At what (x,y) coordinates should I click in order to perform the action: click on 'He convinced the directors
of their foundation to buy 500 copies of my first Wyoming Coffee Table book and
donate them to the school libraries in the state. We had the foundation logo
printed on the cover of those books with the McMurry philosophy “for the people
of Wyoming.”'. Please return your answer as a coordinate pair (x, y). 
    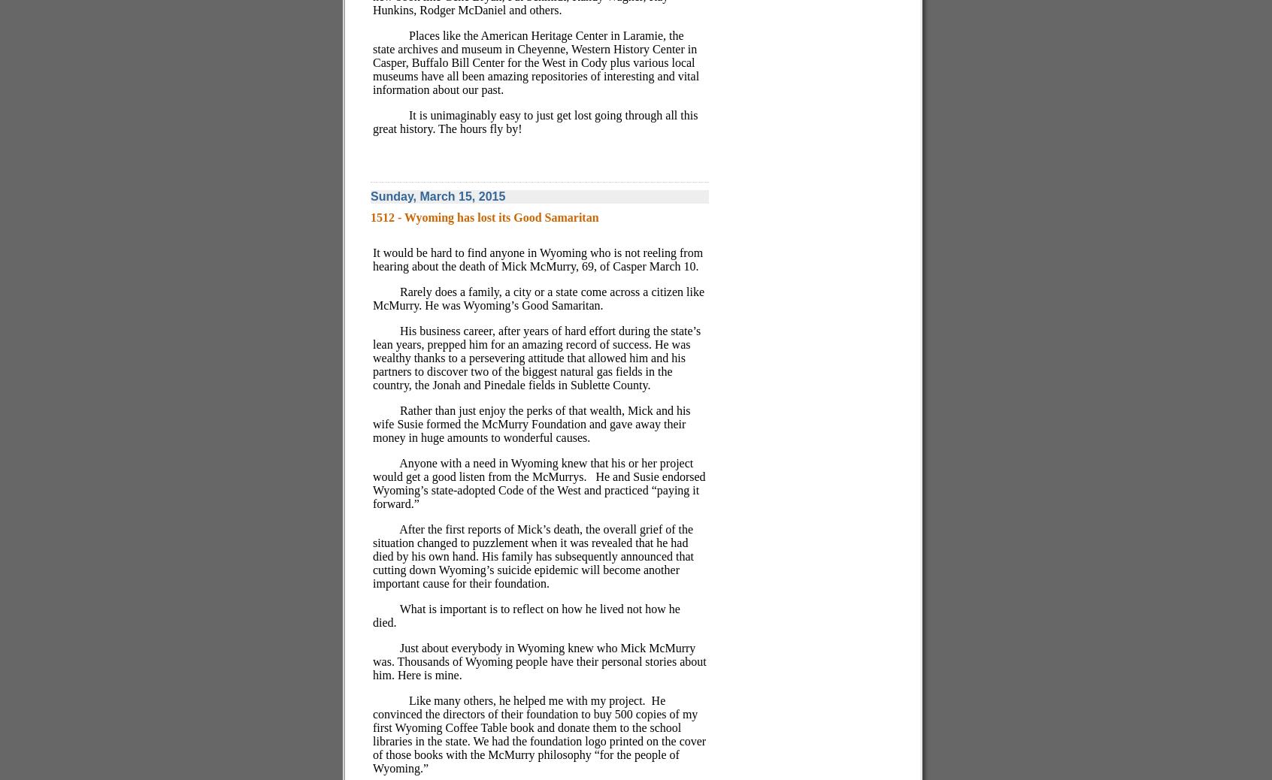
    Looking at the image, I should click on (538, 733).